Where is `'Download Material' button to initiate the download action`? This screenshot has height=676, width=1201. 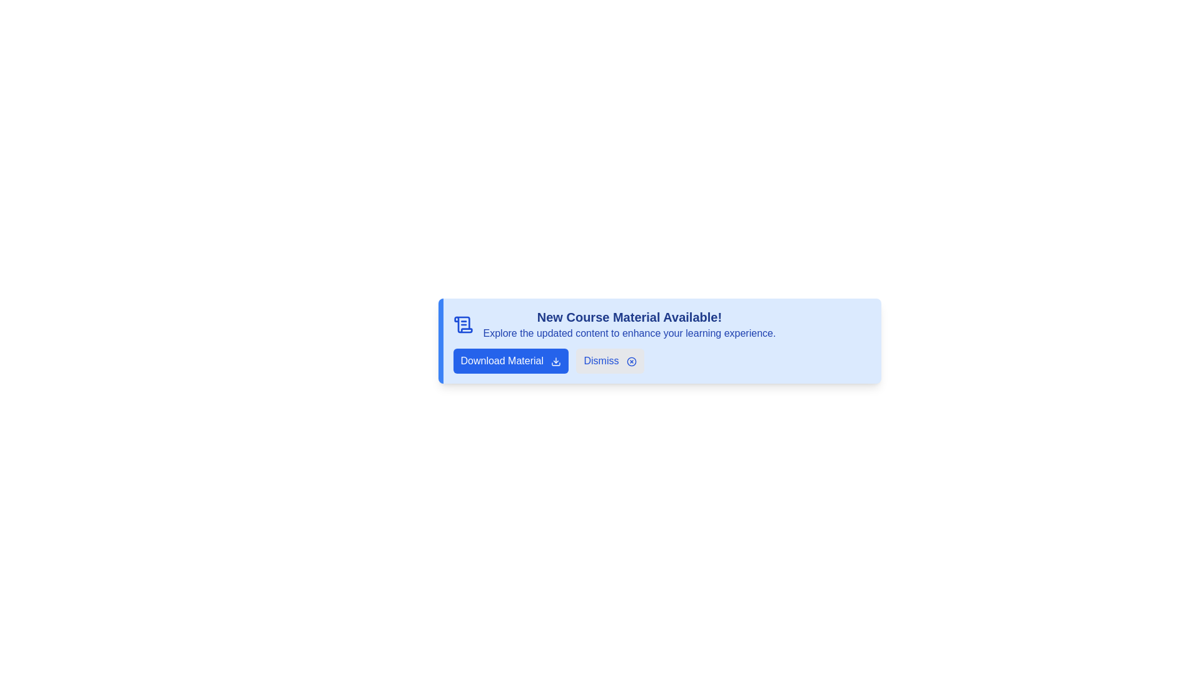
'Download Material' button to initiate the download action is located at coordinates (510, 361).